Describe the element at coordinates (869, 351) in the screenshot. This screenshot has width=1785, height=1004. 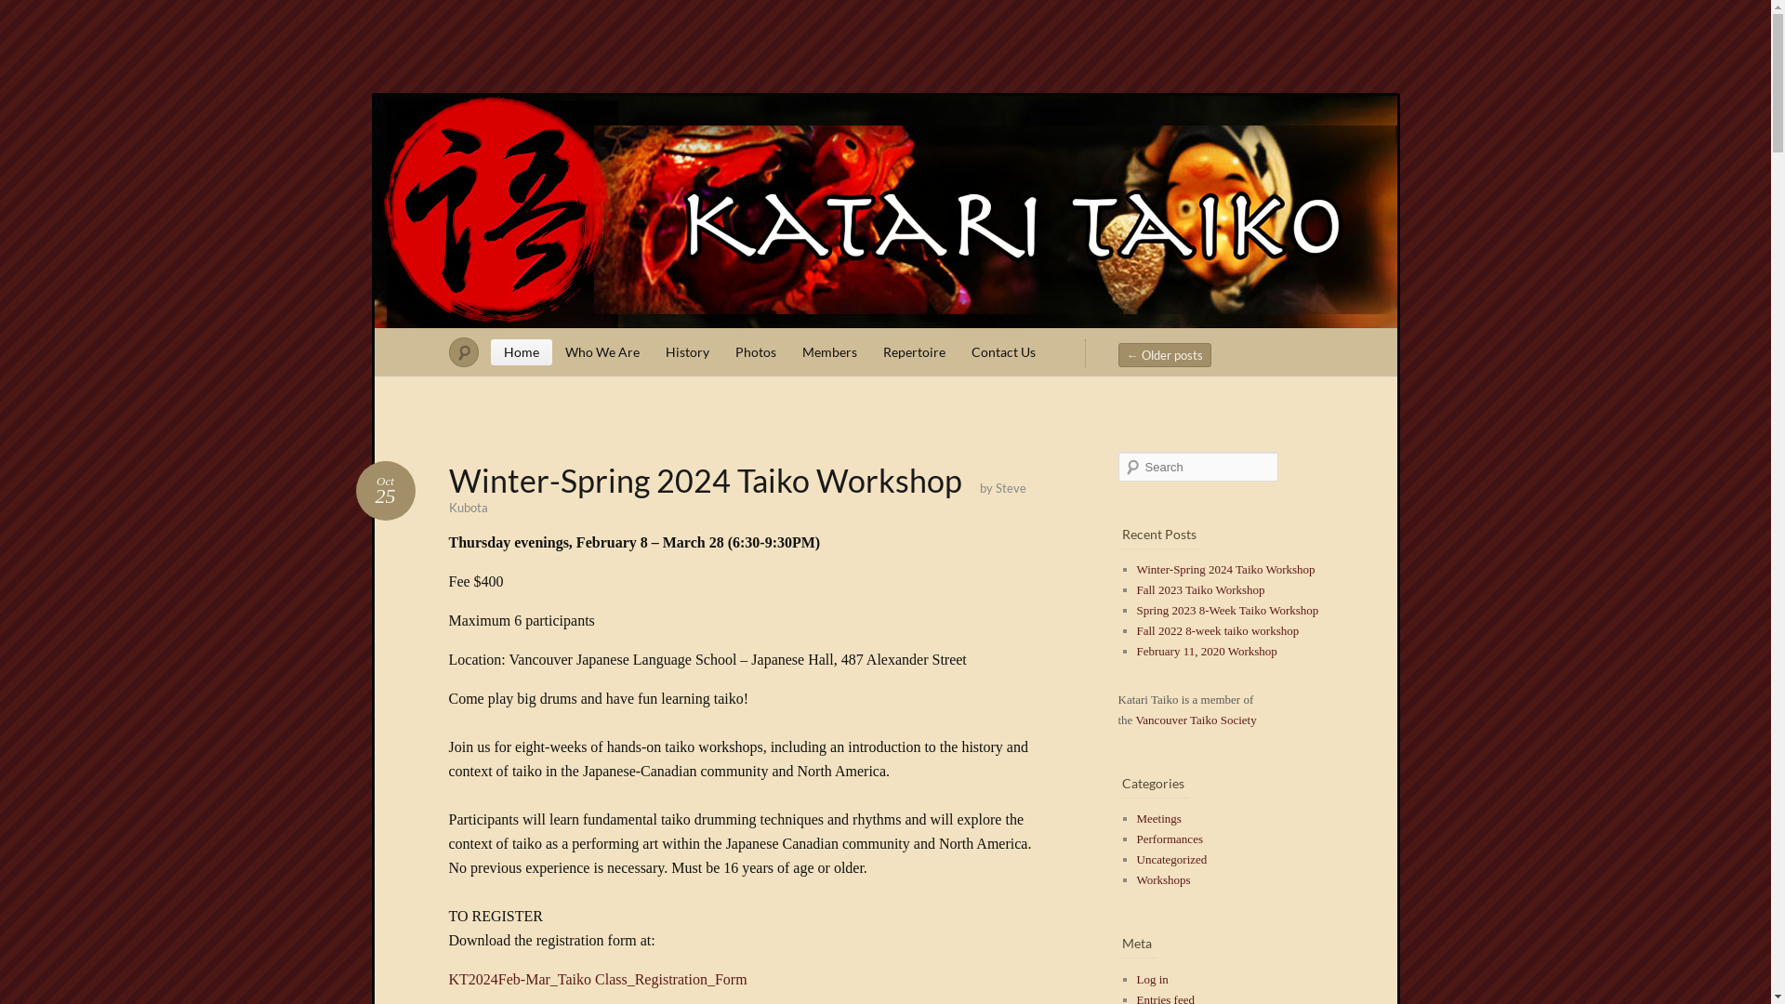
I see `'Repertoire'` at that location.